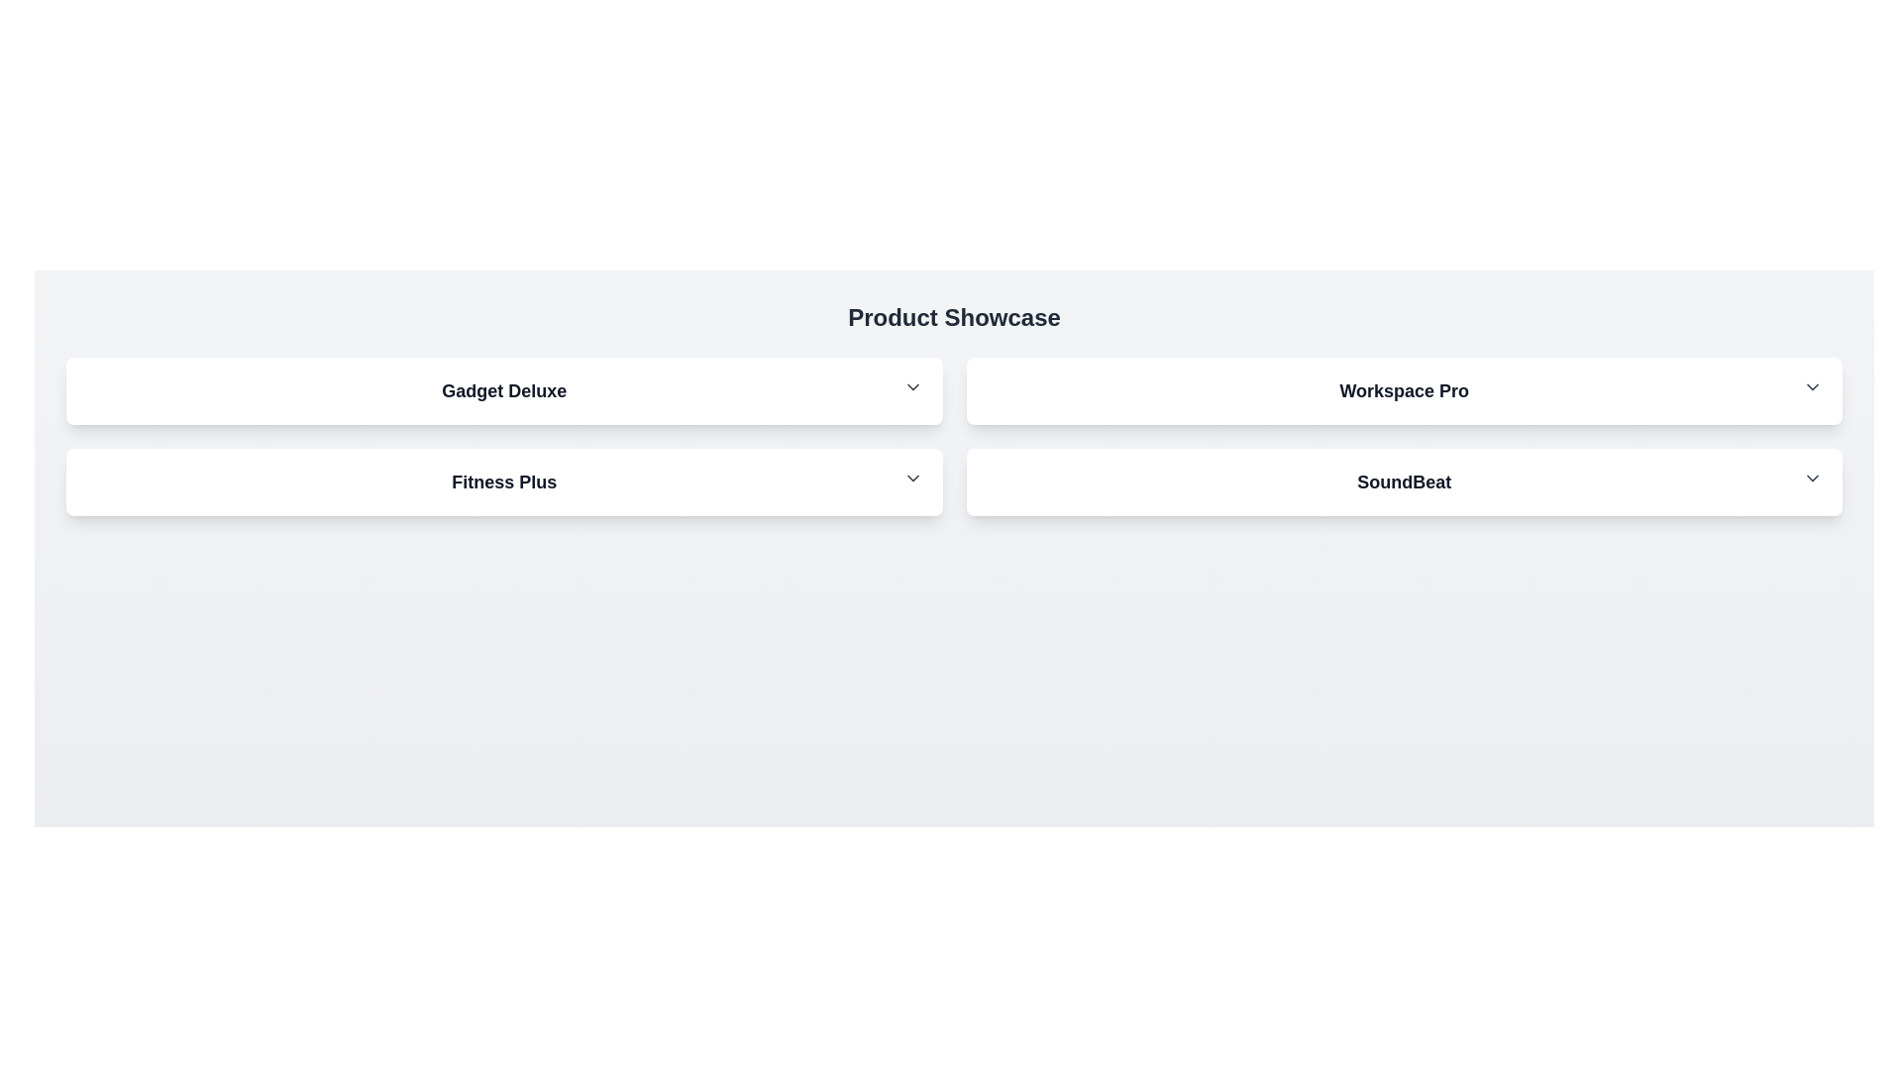 This screenshot has height=1070, width=1902. Describe the element at coordinates (504, 481) in the screenshot. I see `the 'Fitness Plus' button, which is a rectangular UI element with a white background and bold black text` at that location.